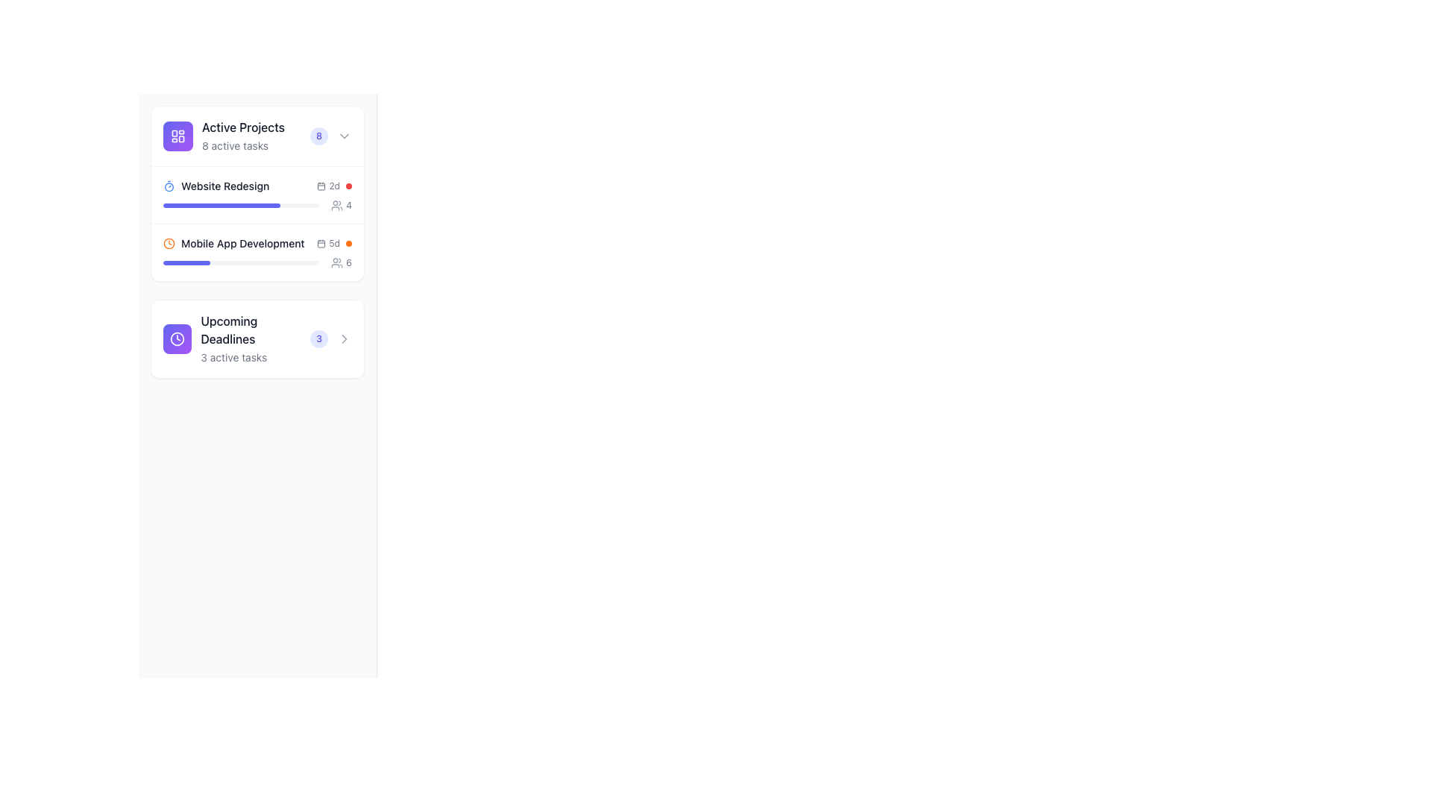 The height and width of the screenshot is (805, 1432). I want to click on the text or icon of the composite element indicating the remaining time (5 days) before the deadline in the 'Mobile App Development' section of the 'Active Projects' card, so click(333, 243).